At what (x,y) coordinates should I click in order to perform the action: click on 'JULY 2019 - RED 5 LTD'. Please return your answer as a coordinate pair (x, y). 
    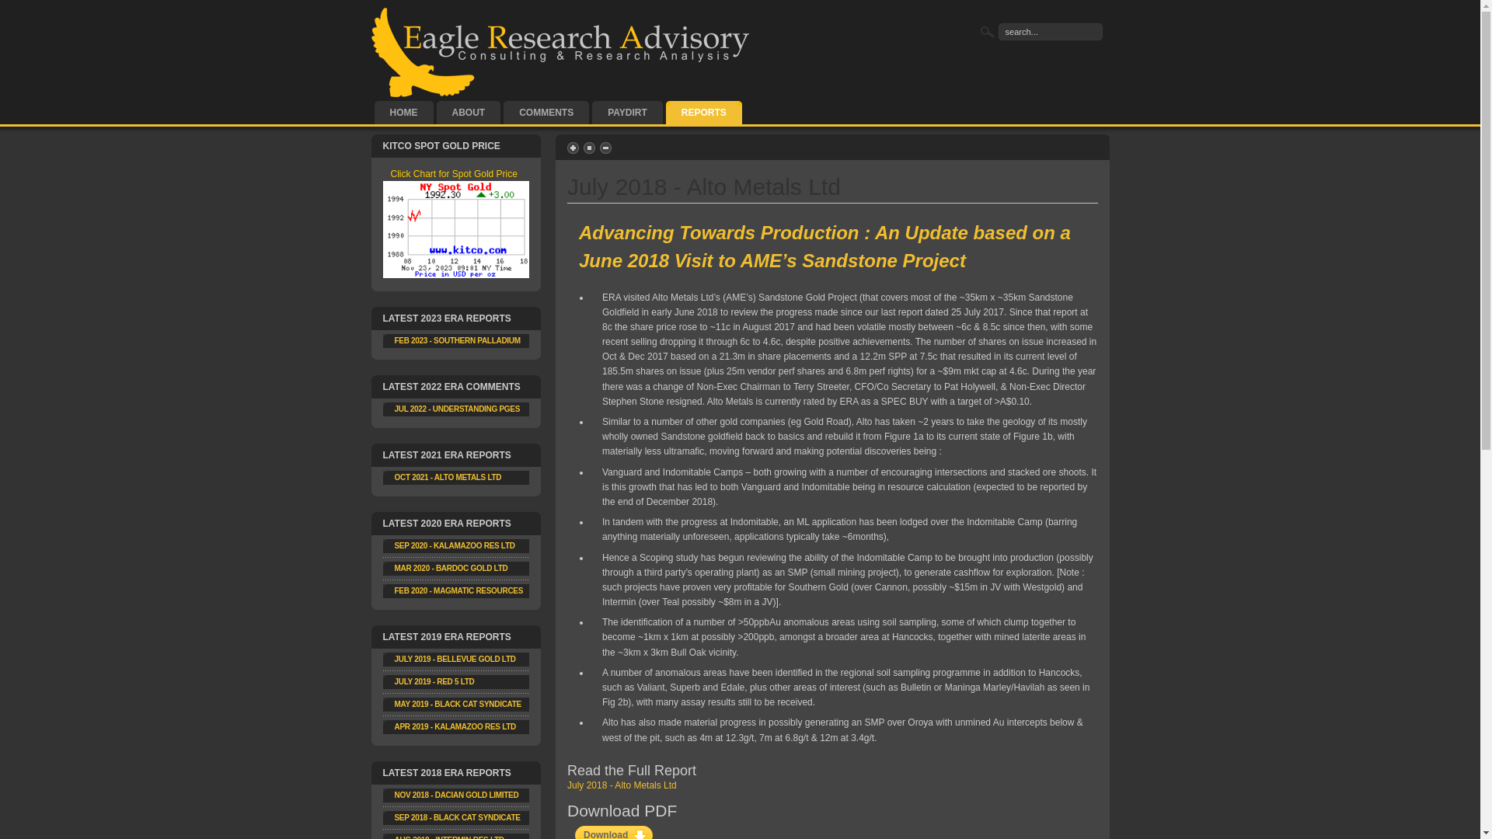
    Looking at the image, I should click on (434, 681).